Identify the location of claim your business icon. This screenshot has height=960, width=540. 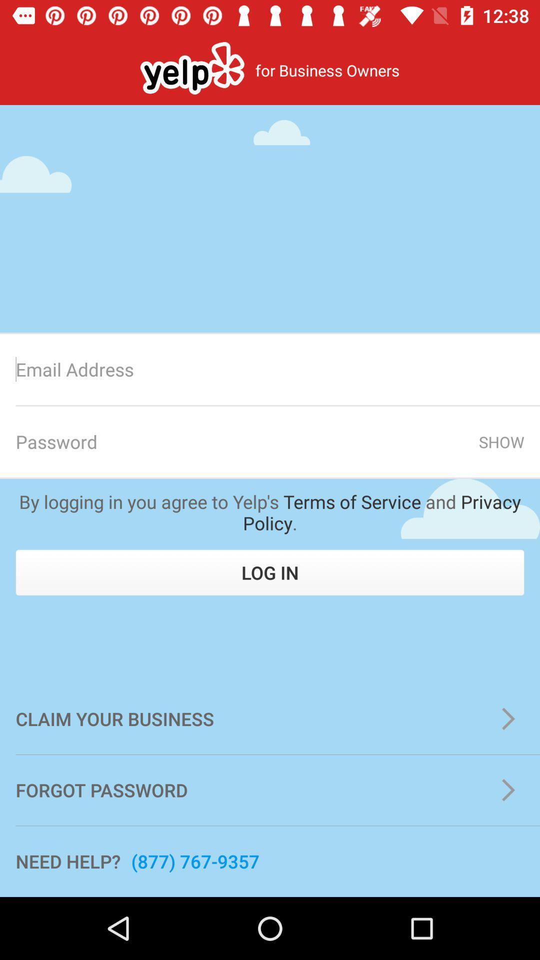
(270, 718).